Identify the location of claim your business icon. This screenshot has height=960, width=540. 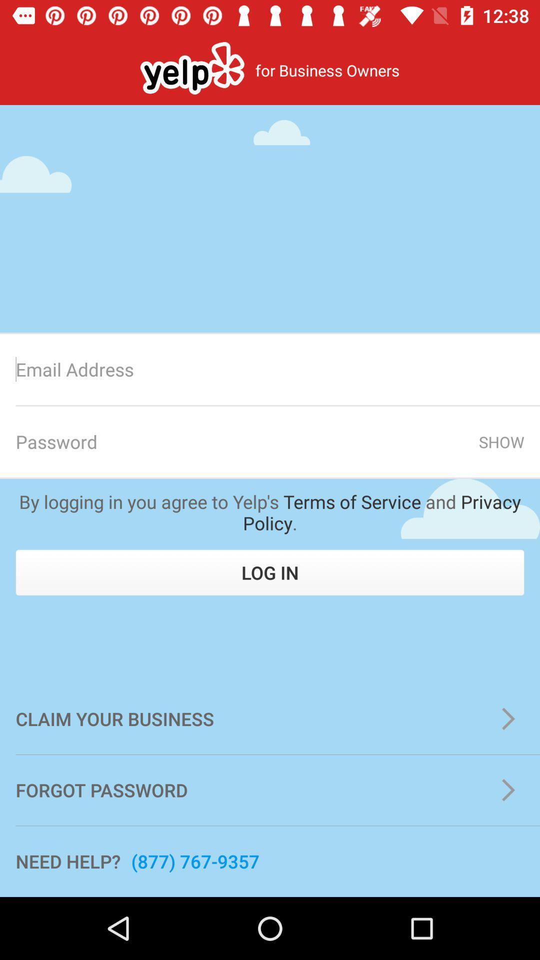
(270, 718).